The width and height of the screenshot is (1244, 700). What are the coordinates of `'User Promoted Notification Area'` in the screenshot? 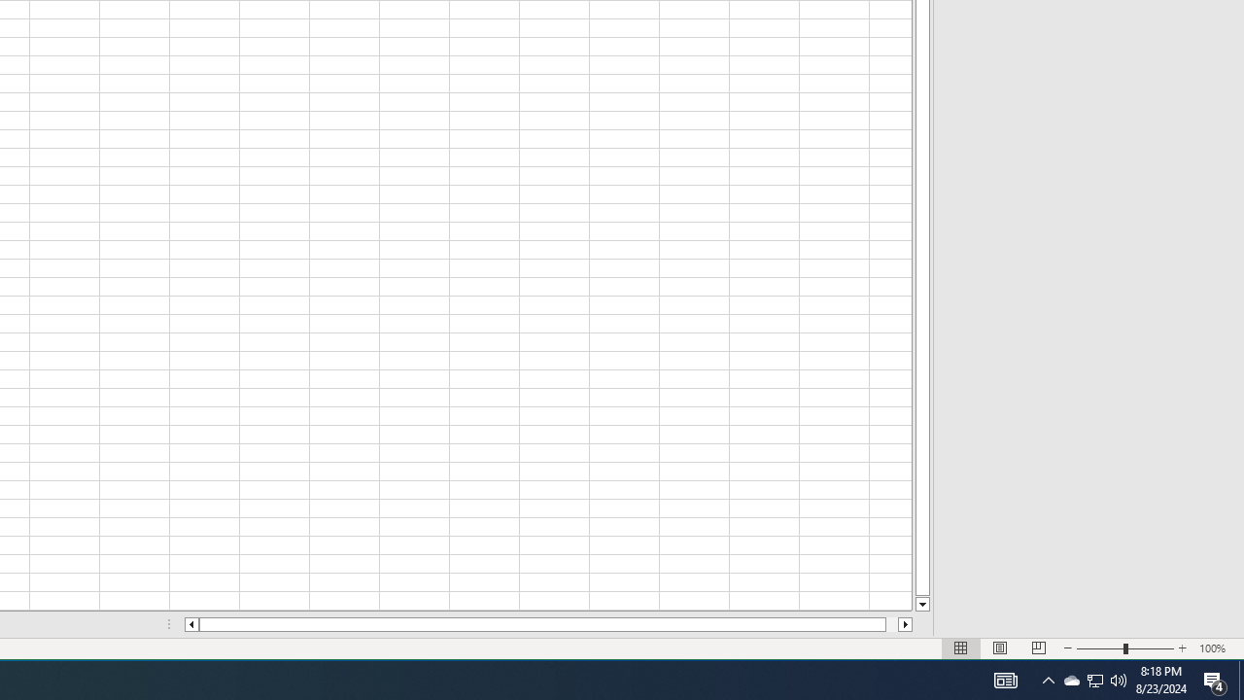 It's located at (1095, 679).